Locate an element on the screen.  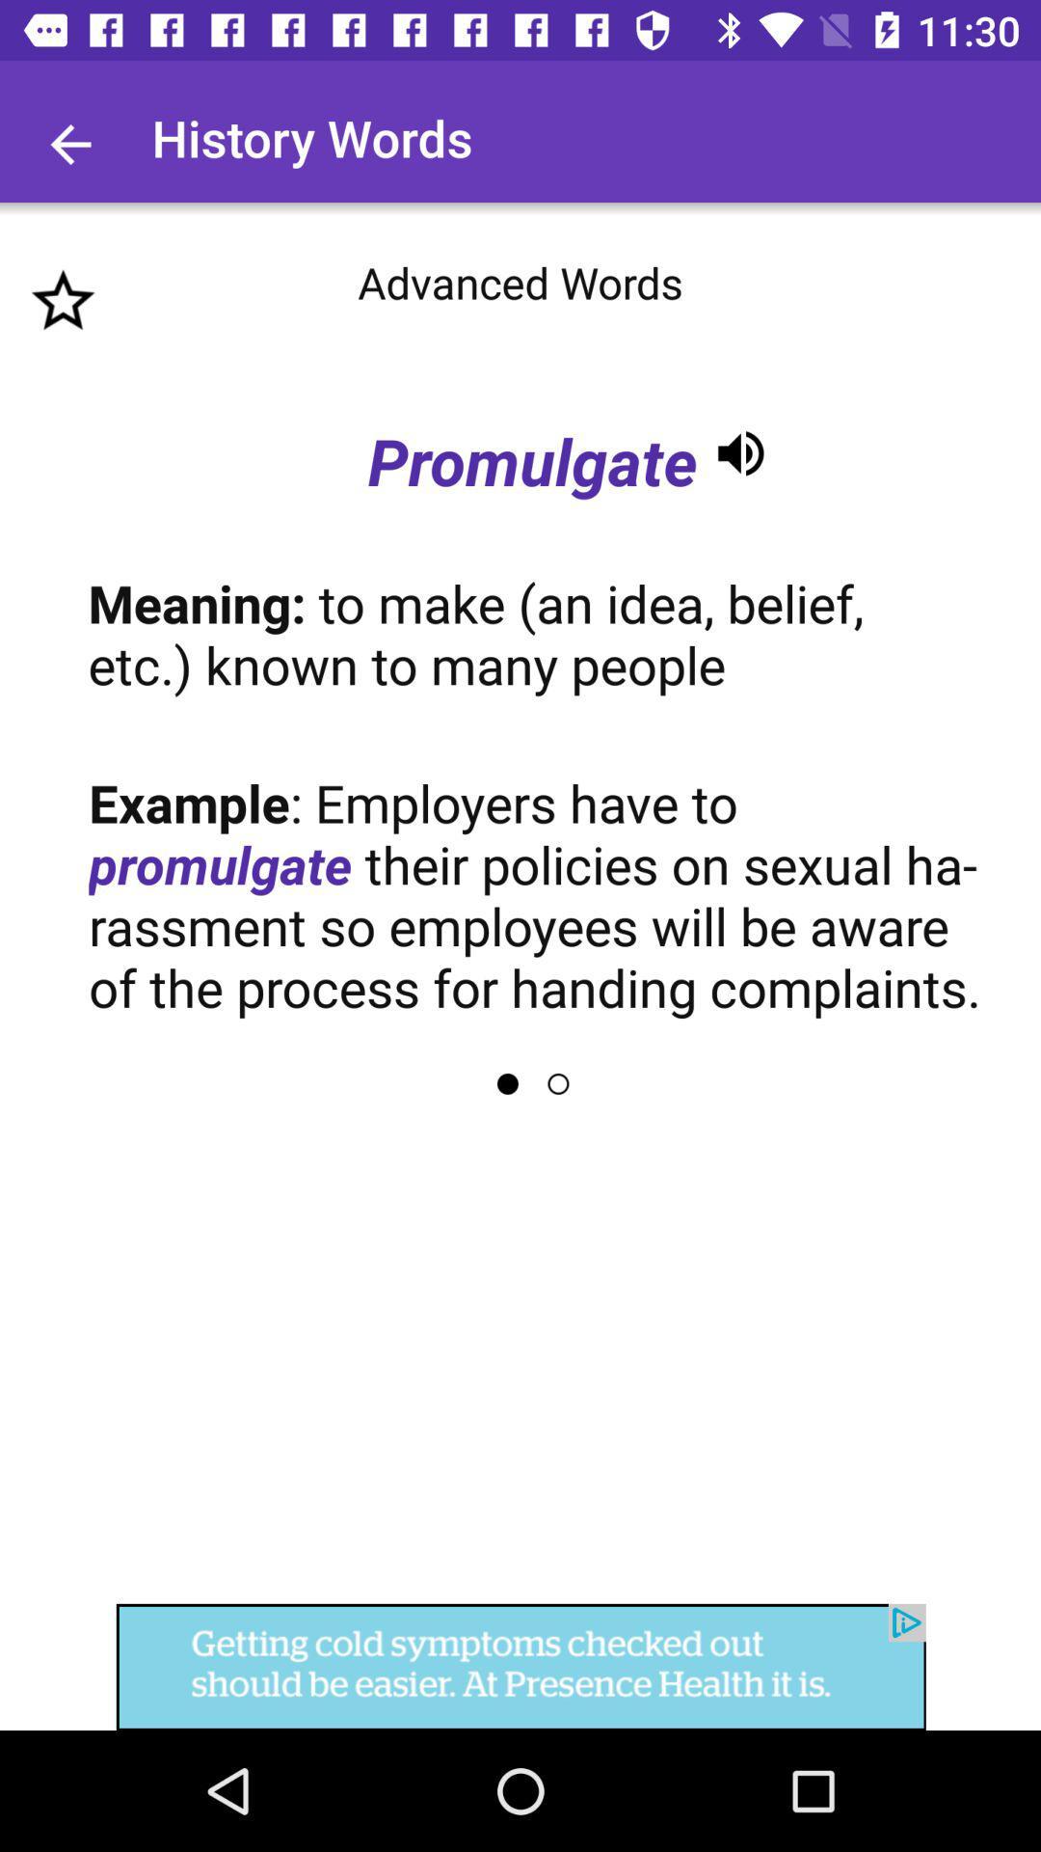
the star icon is located at coordinates (62, 300).